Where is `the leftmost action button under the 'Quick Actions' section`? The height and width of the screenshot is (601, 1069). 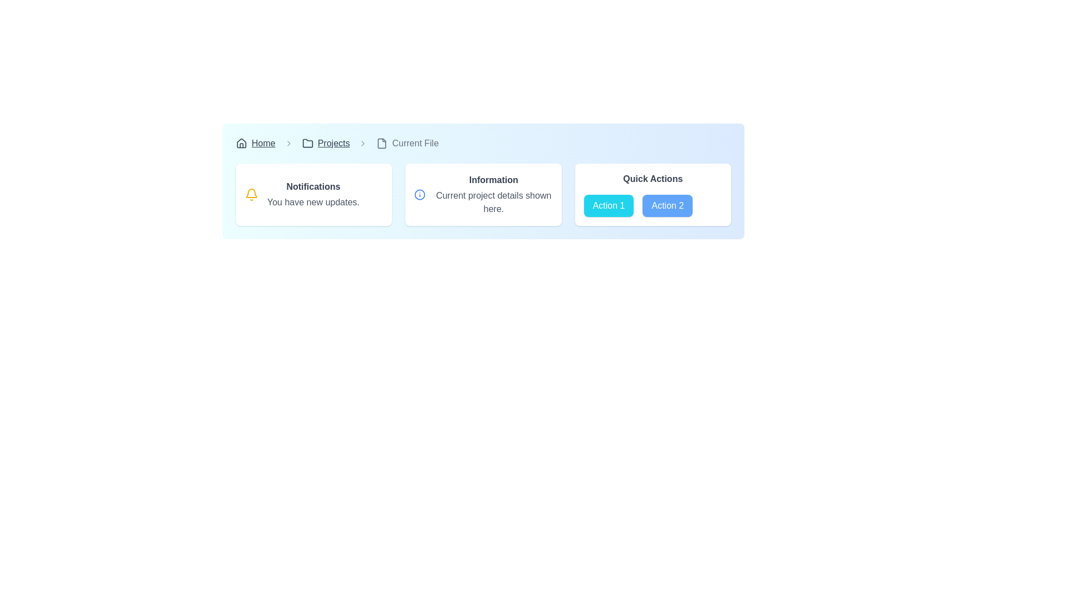
the leftmost action button under the 'Quick Actions' section is located at coordinates (608, 206).